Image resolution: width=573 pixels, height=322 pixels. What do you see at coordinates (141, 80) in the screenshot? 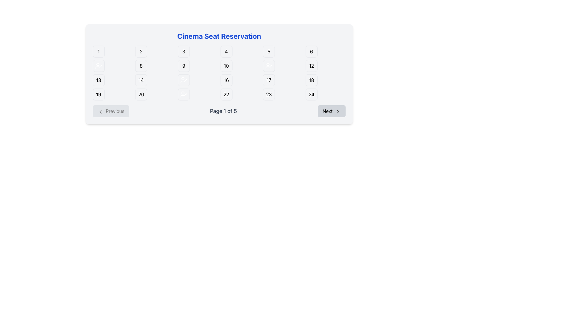
I see `the square button-like UI element labeled '14' in the seat selection interface, which is colored green for available status and located in the third row and second column of the grid` at bounding box center [141, 80].